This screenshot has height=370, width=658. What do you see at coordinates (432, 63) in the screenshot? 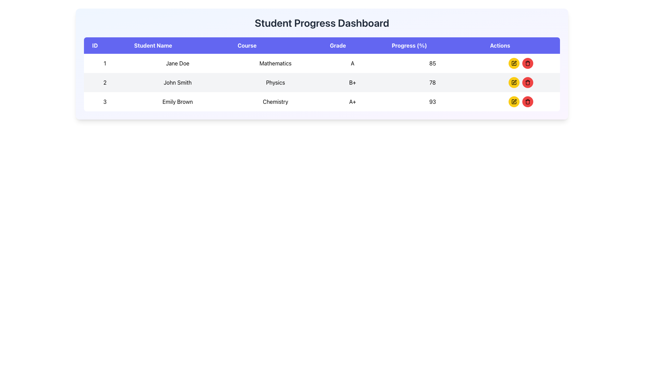
I see `the numeric value '85' displayed in the 'Progress (%)' column for Jane Doe, which is the fifth cell in the row` at bounding box center [432, 63].